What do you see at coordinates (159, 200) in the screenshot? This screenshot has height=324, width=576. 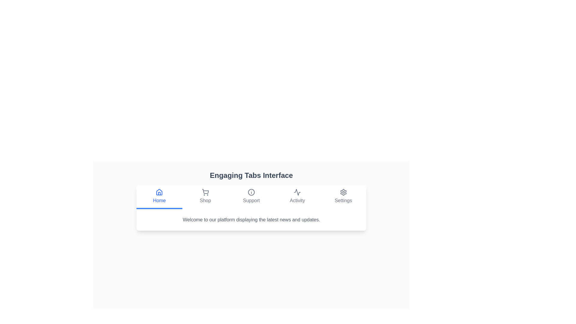 I see `the 'Home' text label in the navigation bar` at bounding box center [159, 200].